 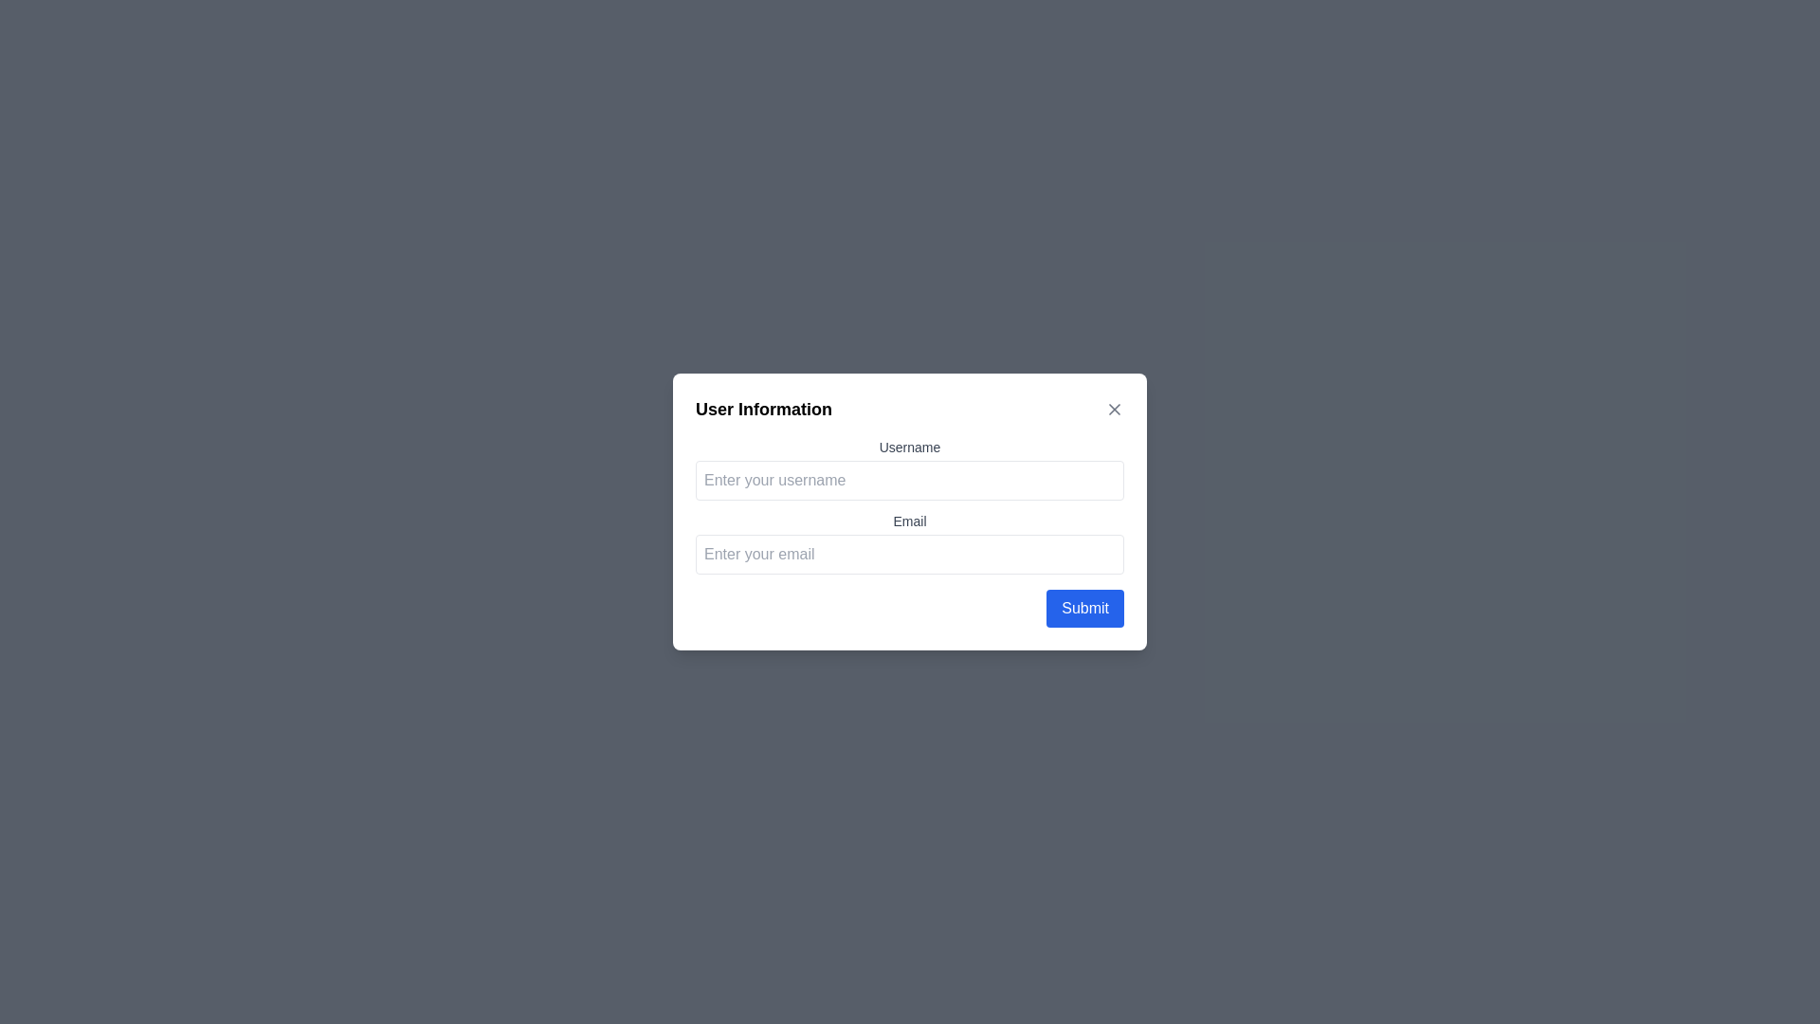 I want to click on the email input field located within the 'User Information' modal dialog box to focus on it, so click(x=910, y=543).